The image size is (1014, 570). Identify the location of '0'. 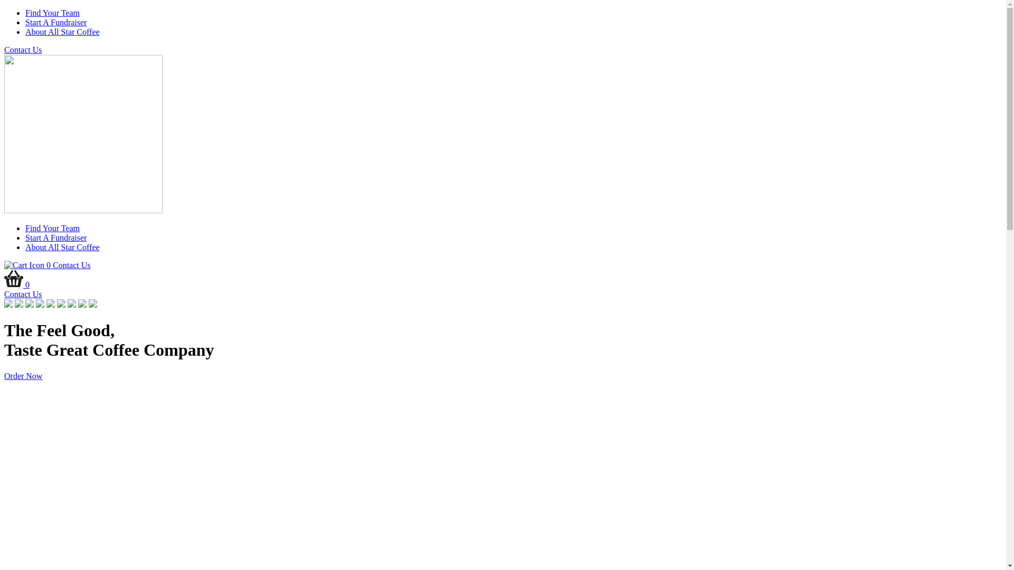
(4, 264).